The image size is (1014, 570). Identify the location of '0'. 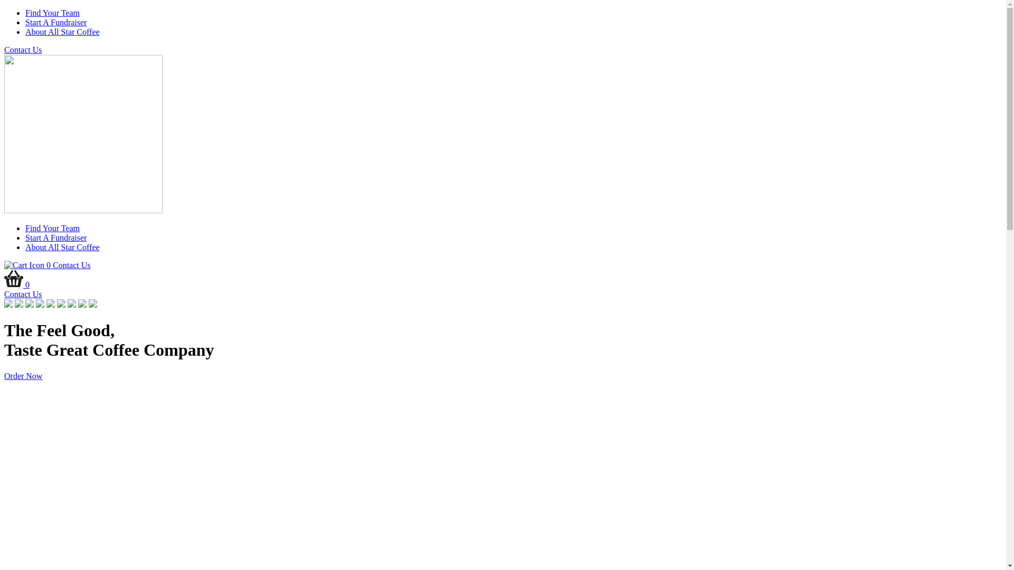
(4, 264).